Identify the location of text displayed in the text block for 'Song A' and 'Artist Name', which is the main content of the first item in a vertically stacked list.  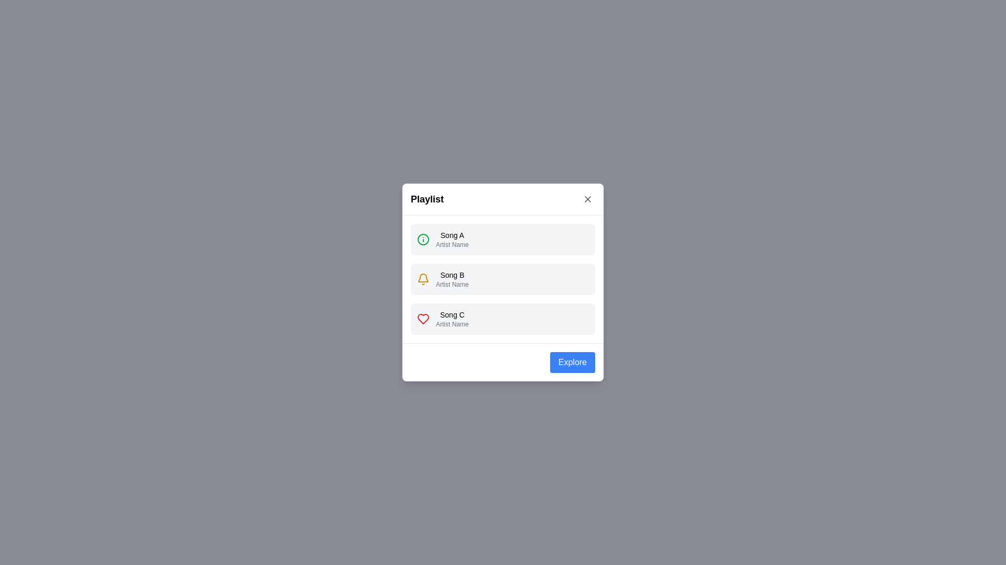
(452, 240).